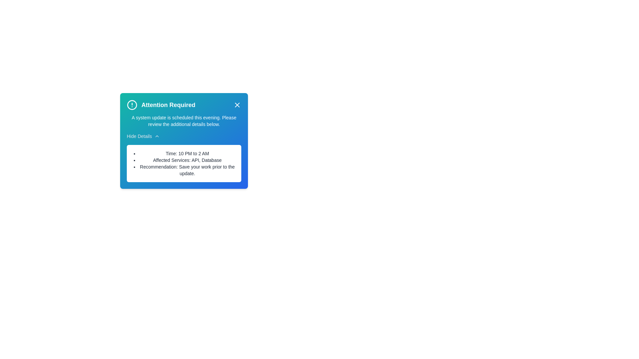  Describe the element at coordinates (143, 136) in the screenshot. I see `the 'Hide Details' button to toggle the visibility of additional details` at that location.